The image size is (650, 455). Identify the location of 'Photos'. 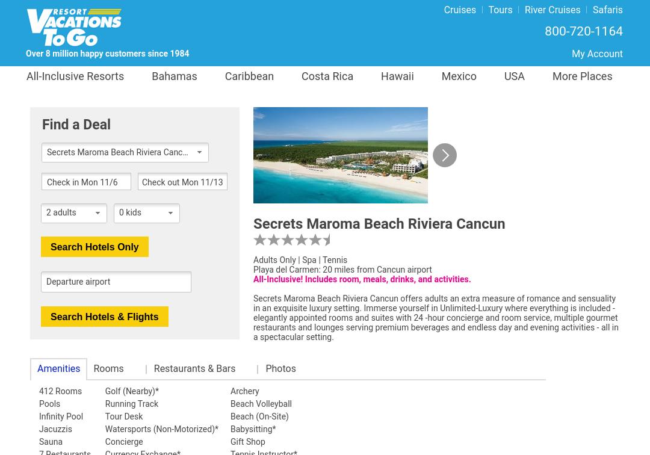
(264, 368).